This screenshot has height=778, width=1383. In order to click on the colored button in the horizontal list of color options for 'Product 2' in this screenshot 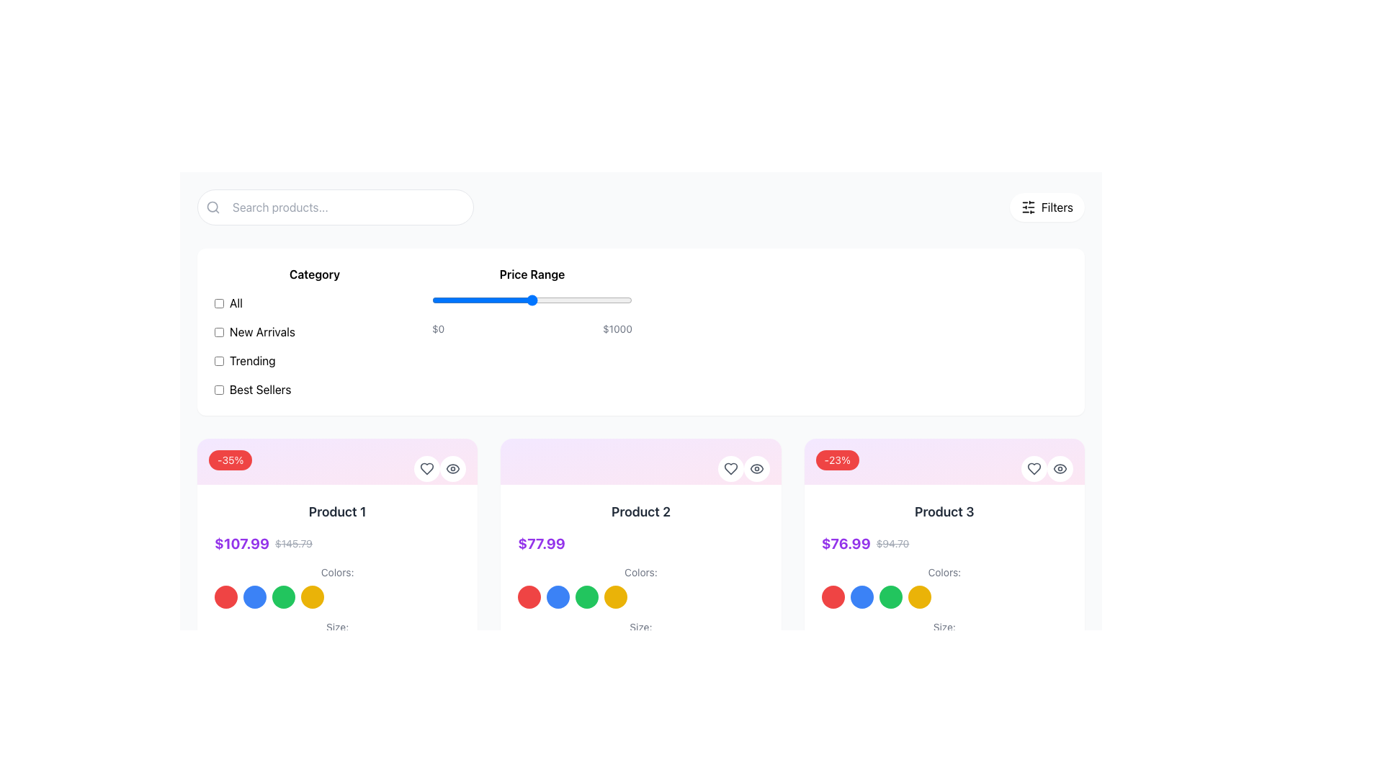, I will do `click(640, 597)`.